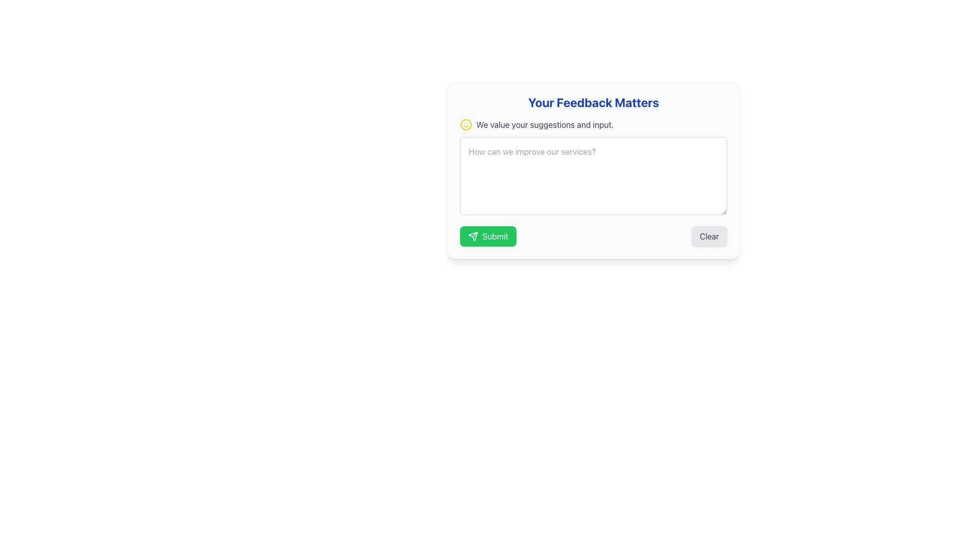 The image size is (975, 548). Describe the element at coordinates (472, 236) in the screenshot. I see `the 'Submit' button that contains the paper airplane icon at the bottom-center of the feedback form` at that location.